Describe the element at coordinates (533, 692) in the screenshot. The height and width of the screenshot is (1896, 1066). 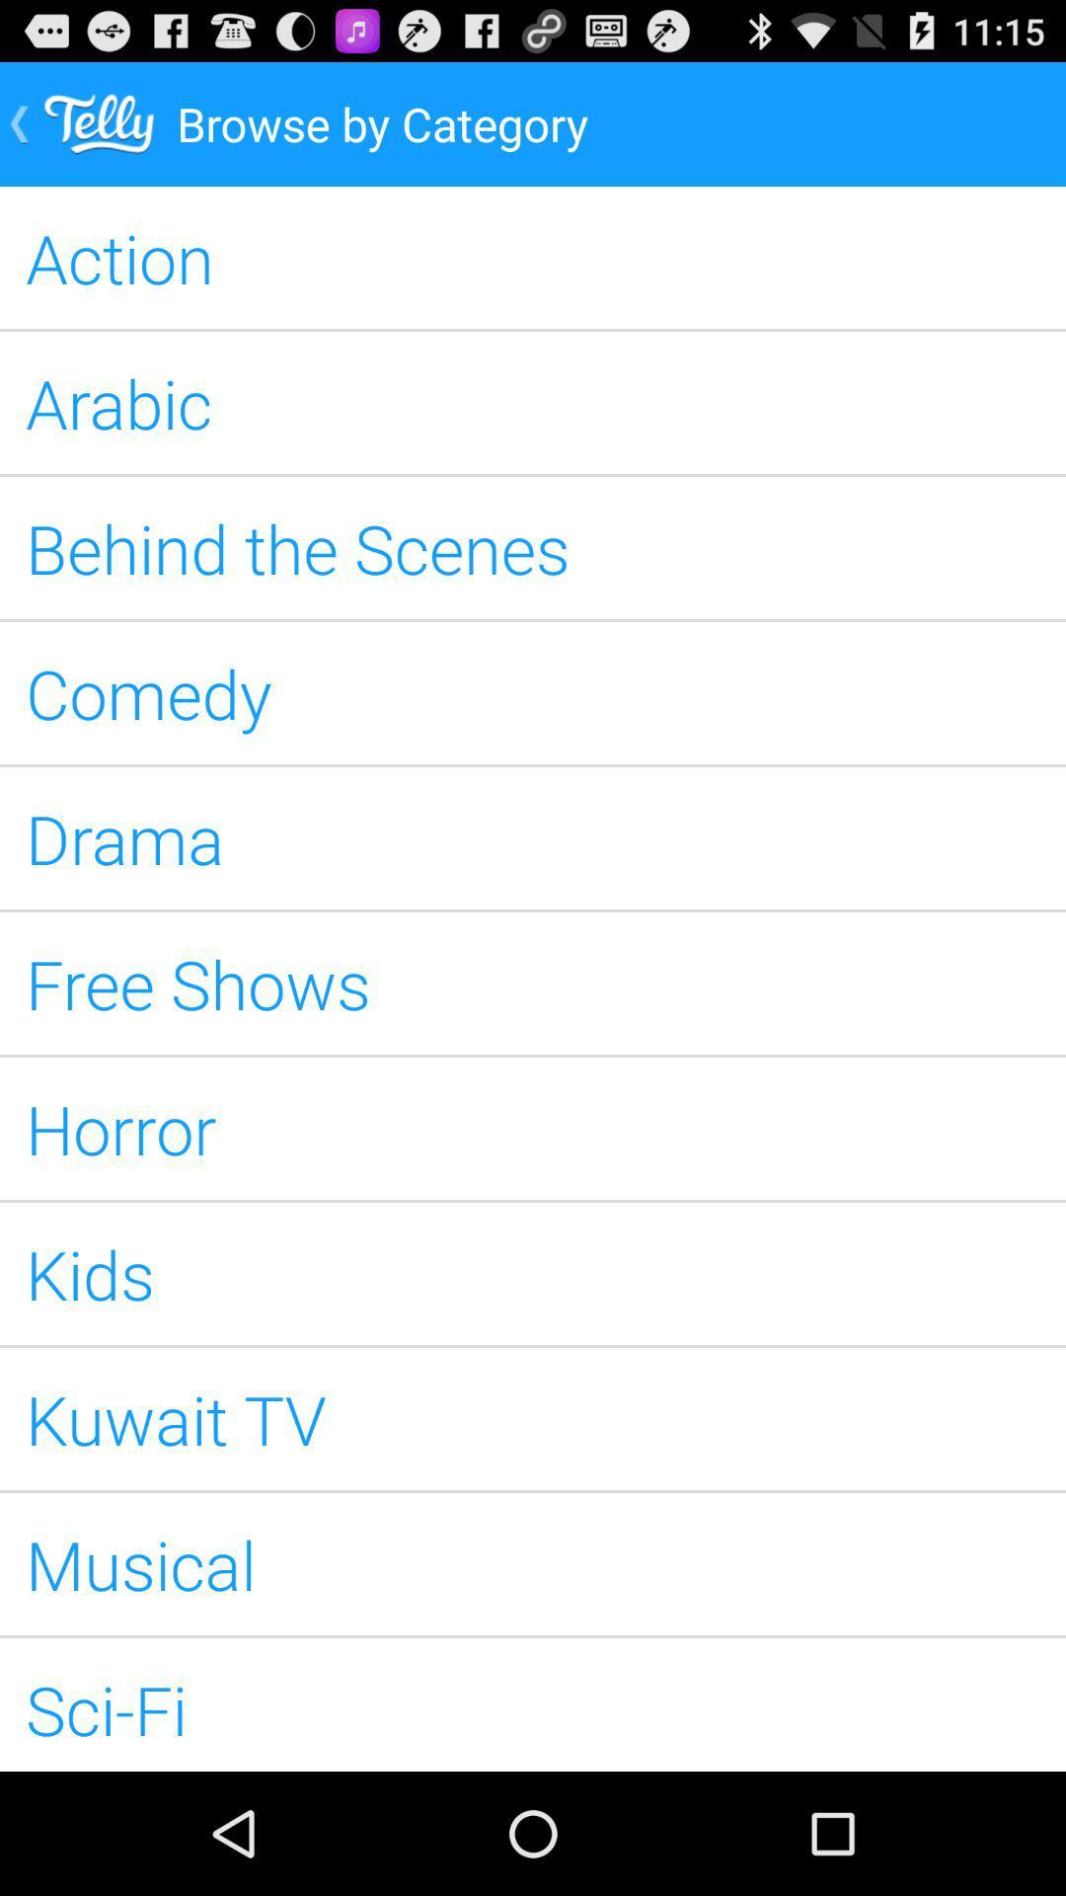
I see `the comedy icon` at that location.